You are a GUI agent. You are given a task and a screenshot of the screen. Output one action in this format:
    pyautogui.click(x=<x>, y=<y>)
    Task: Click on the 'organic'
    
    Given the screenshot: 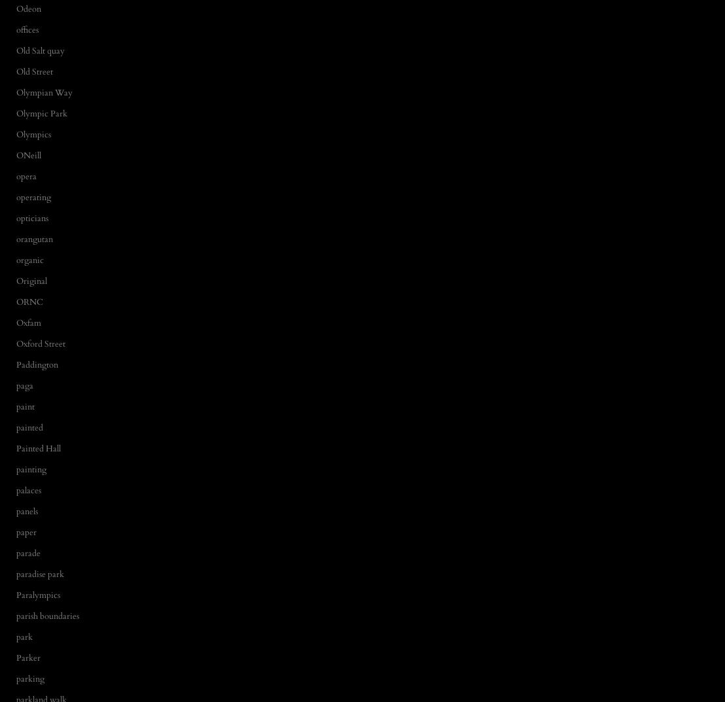 What is the action you would take?
    pyautogui.click(x=29, y=259)
    